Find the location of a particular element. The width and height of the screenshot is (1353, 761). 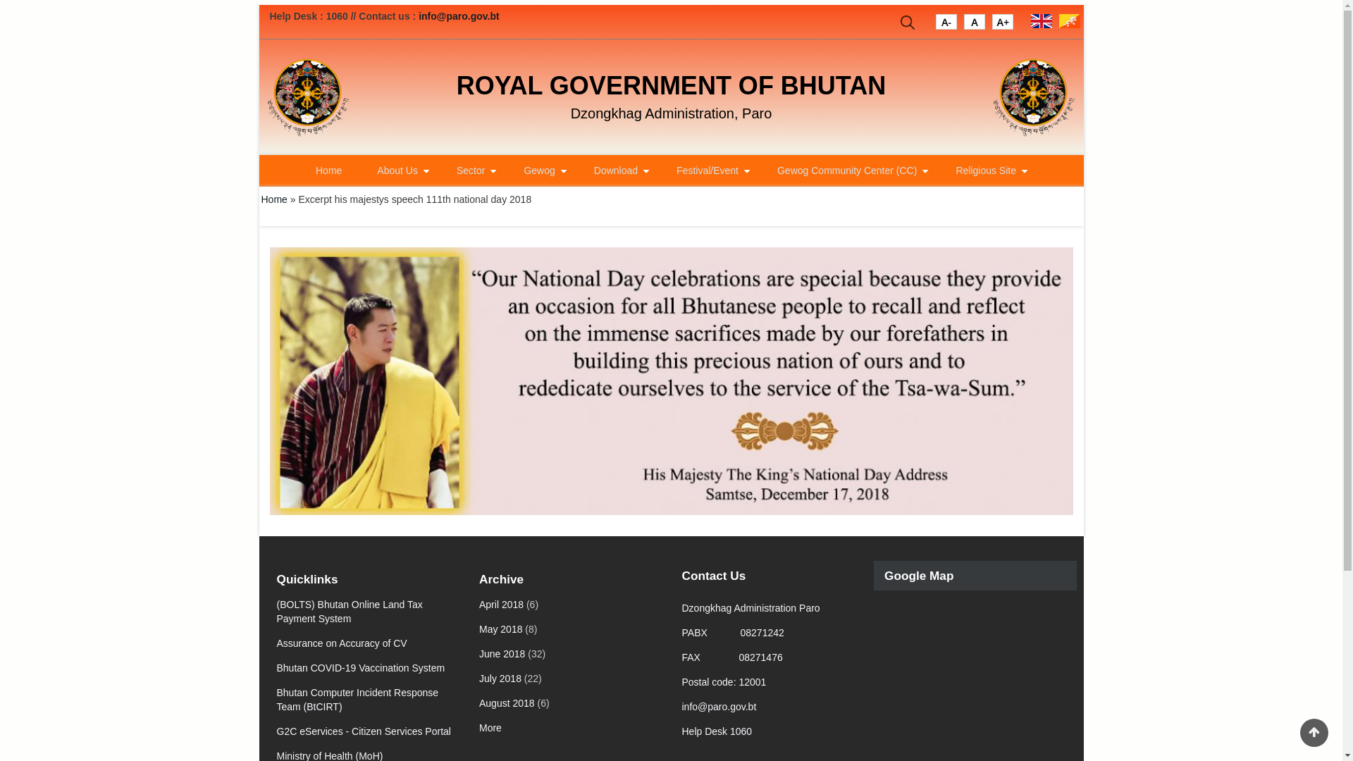

'Home' is located at coordinates (273, 199).